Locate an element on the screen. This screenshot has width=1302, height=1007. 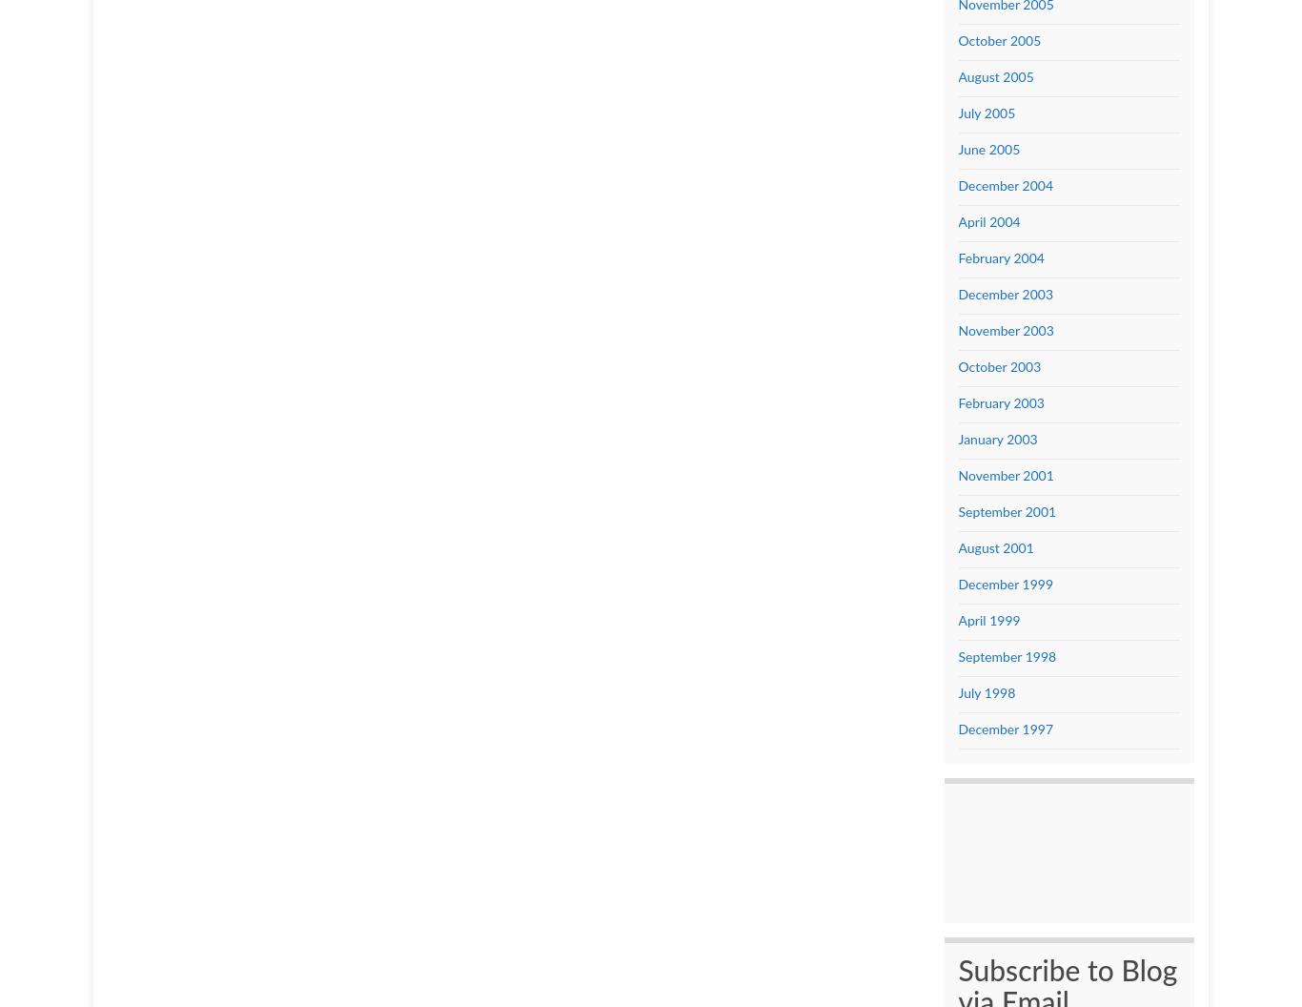
'December 1999' is located at coordinates (1004, 584).